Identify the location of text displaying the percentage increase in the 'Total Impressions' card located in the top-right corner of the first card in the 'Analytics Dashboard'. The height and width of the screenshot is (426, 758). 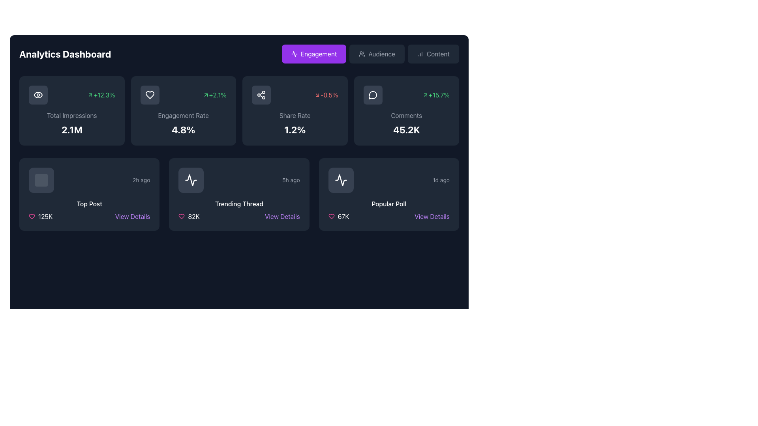
(101, 94).